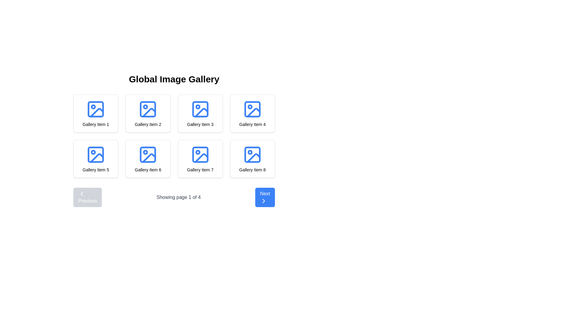 The width and height of the screenshot is (582, 327). Describe the element at coordinates (200, 109) in the screenshot. I see `the decorative icon graphic (SVG) located in the third position of the 'Global Image Gallery', which visually signifies the content of the gallery item` at that location.